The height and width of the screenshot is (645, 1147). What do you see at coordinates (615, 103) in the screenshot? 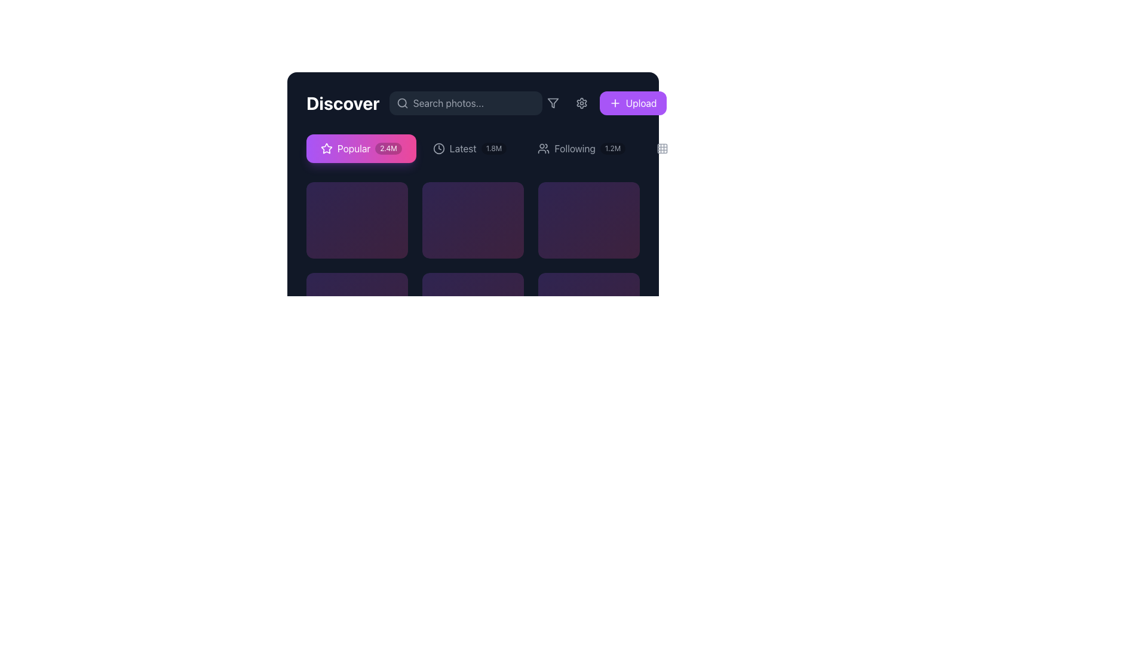
I see `the upload icon located at the center of the purple 'Upload' button` at bounding box center [615, 103].